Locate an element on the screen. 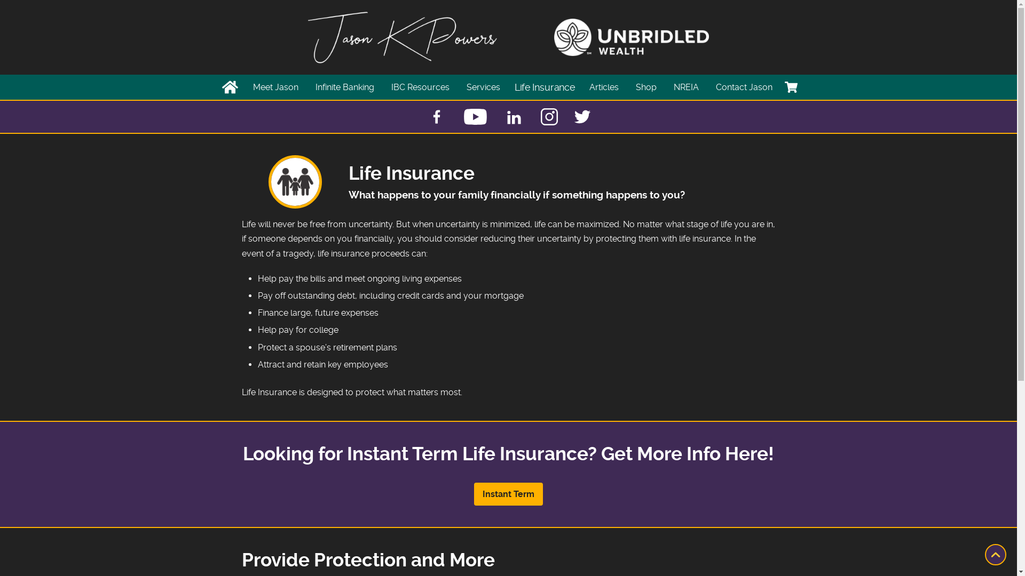 The image size is (1025, 576). 'Instant Term' is located at coordinates (508, 494).